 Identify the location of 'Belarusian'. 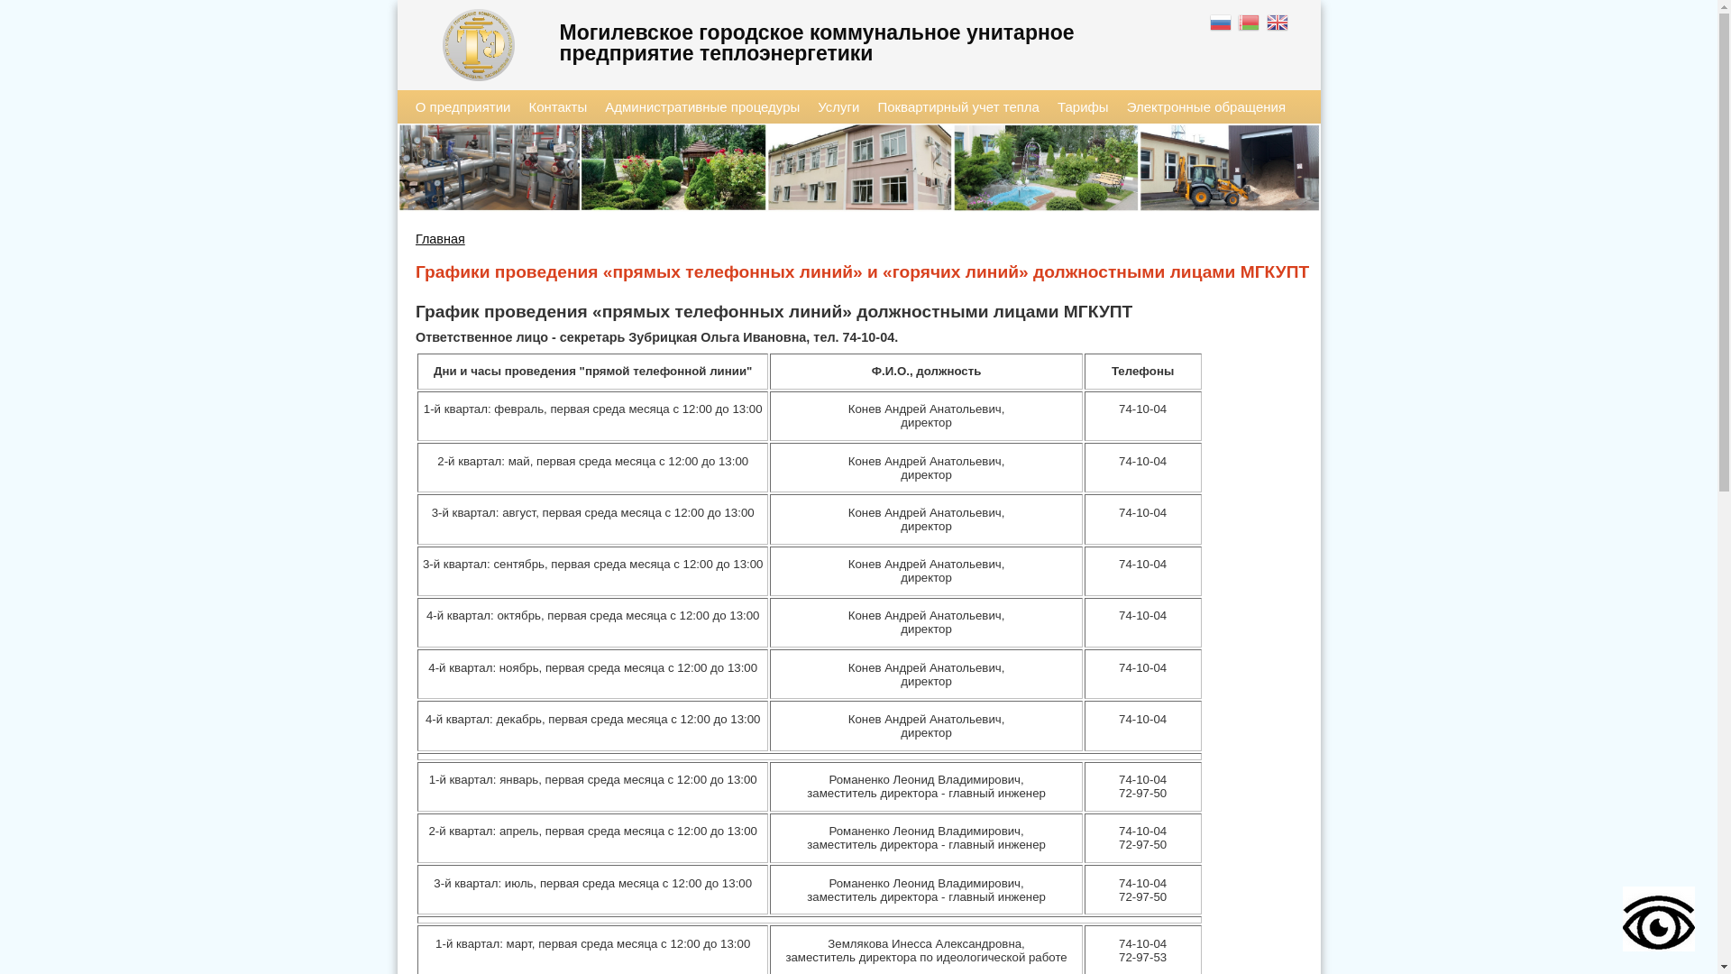
(1236, 24).